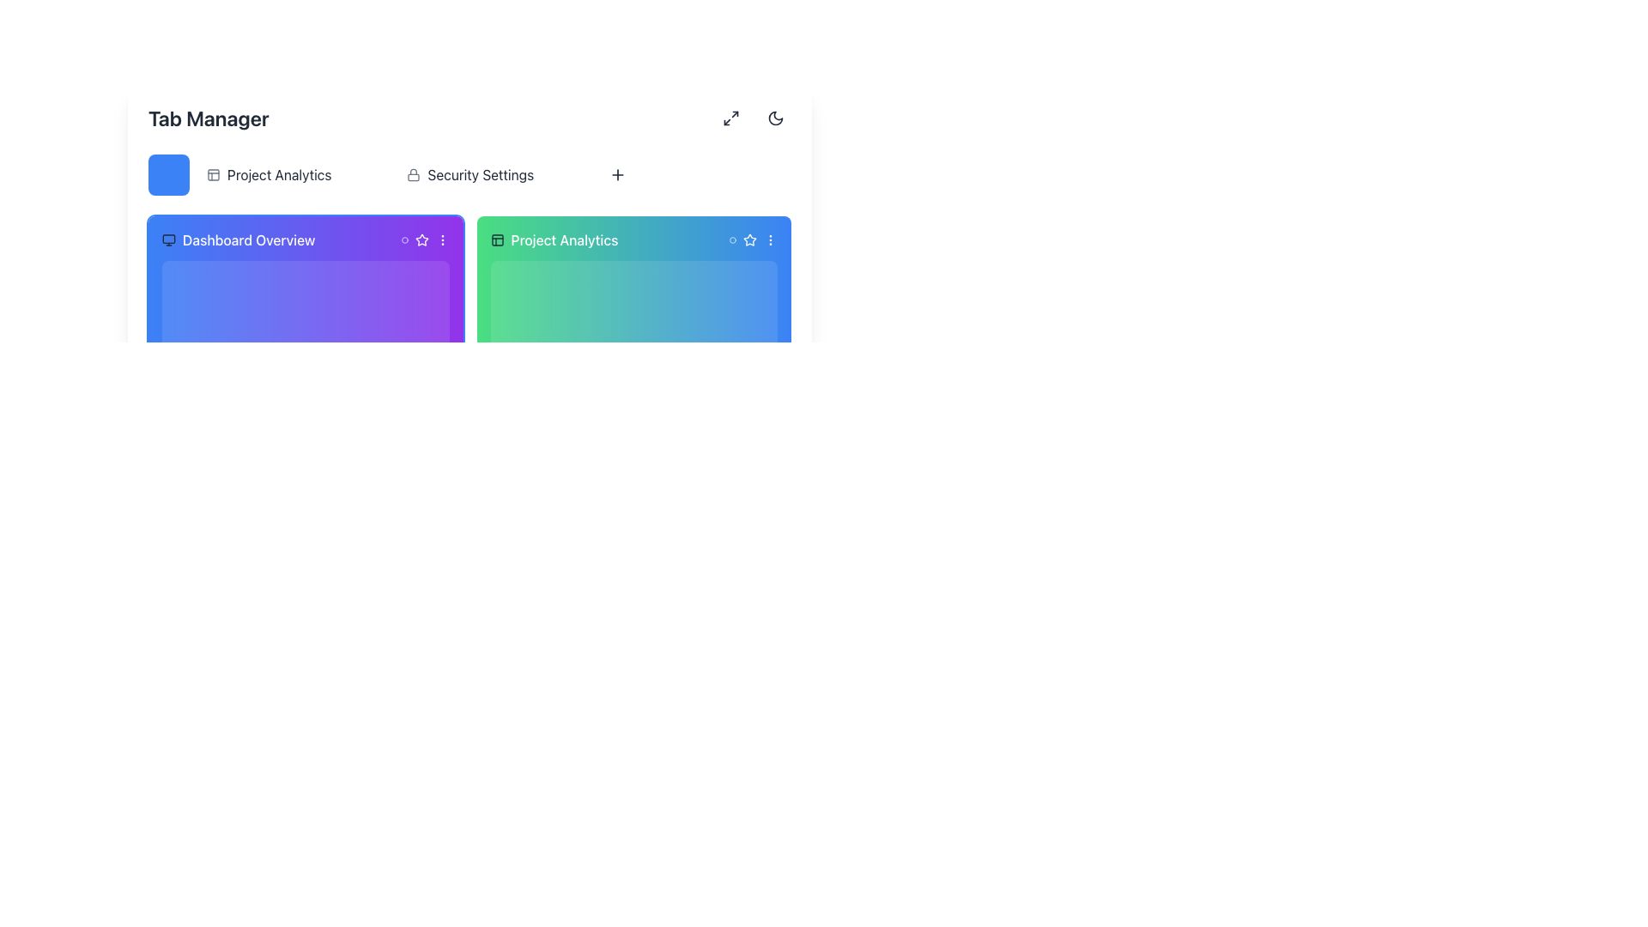 This screenshot has height=927, width=1648. I want to click on the lock icon in the top navigation area to observe the associated tooltip or behavior related to 'Security Settings', so click(414, 175).